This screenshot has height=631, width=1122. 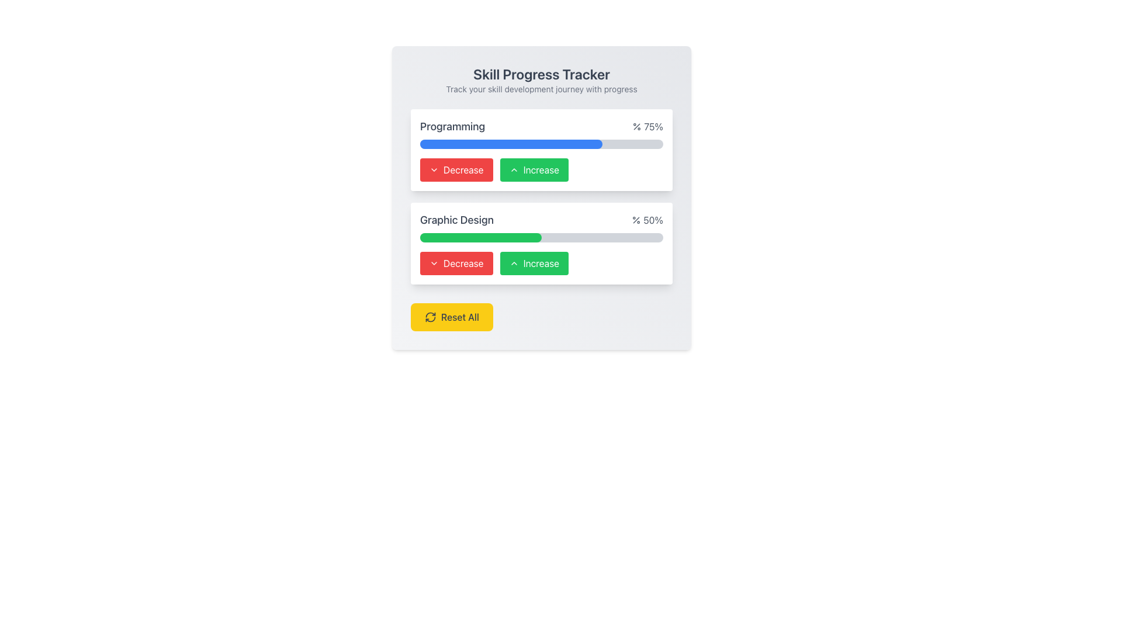 What do you see at coordinates (533, 169) in the screenshot?
I see `the green 'Increase' button with white text and an upward chevron icon to increase a value` at bounding box center [533, 169].